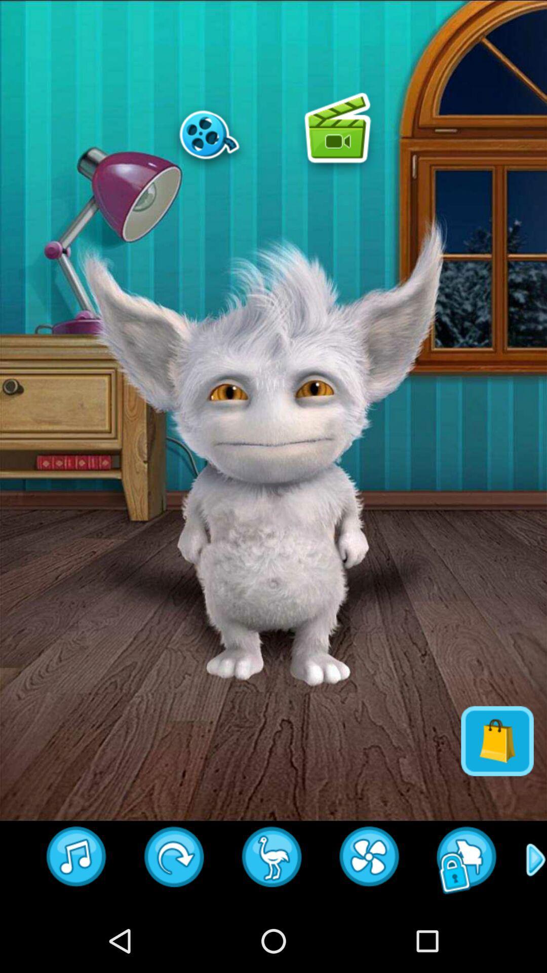  I want to click on search, so click(467, 859).